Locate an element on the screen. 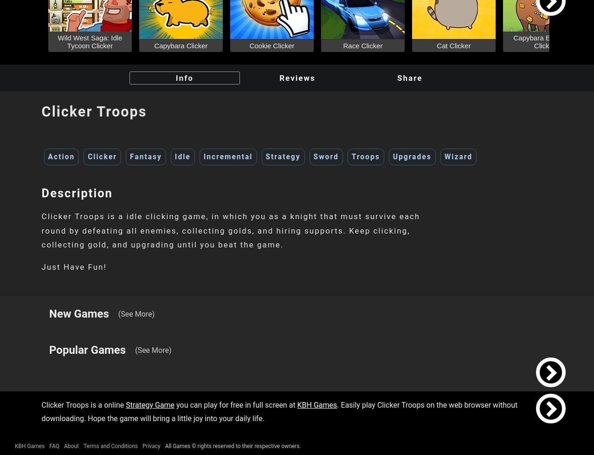 Image resolution: width=594 pixels, height=455 pixels. 'Strategy' is located at coordinates (282, 156).